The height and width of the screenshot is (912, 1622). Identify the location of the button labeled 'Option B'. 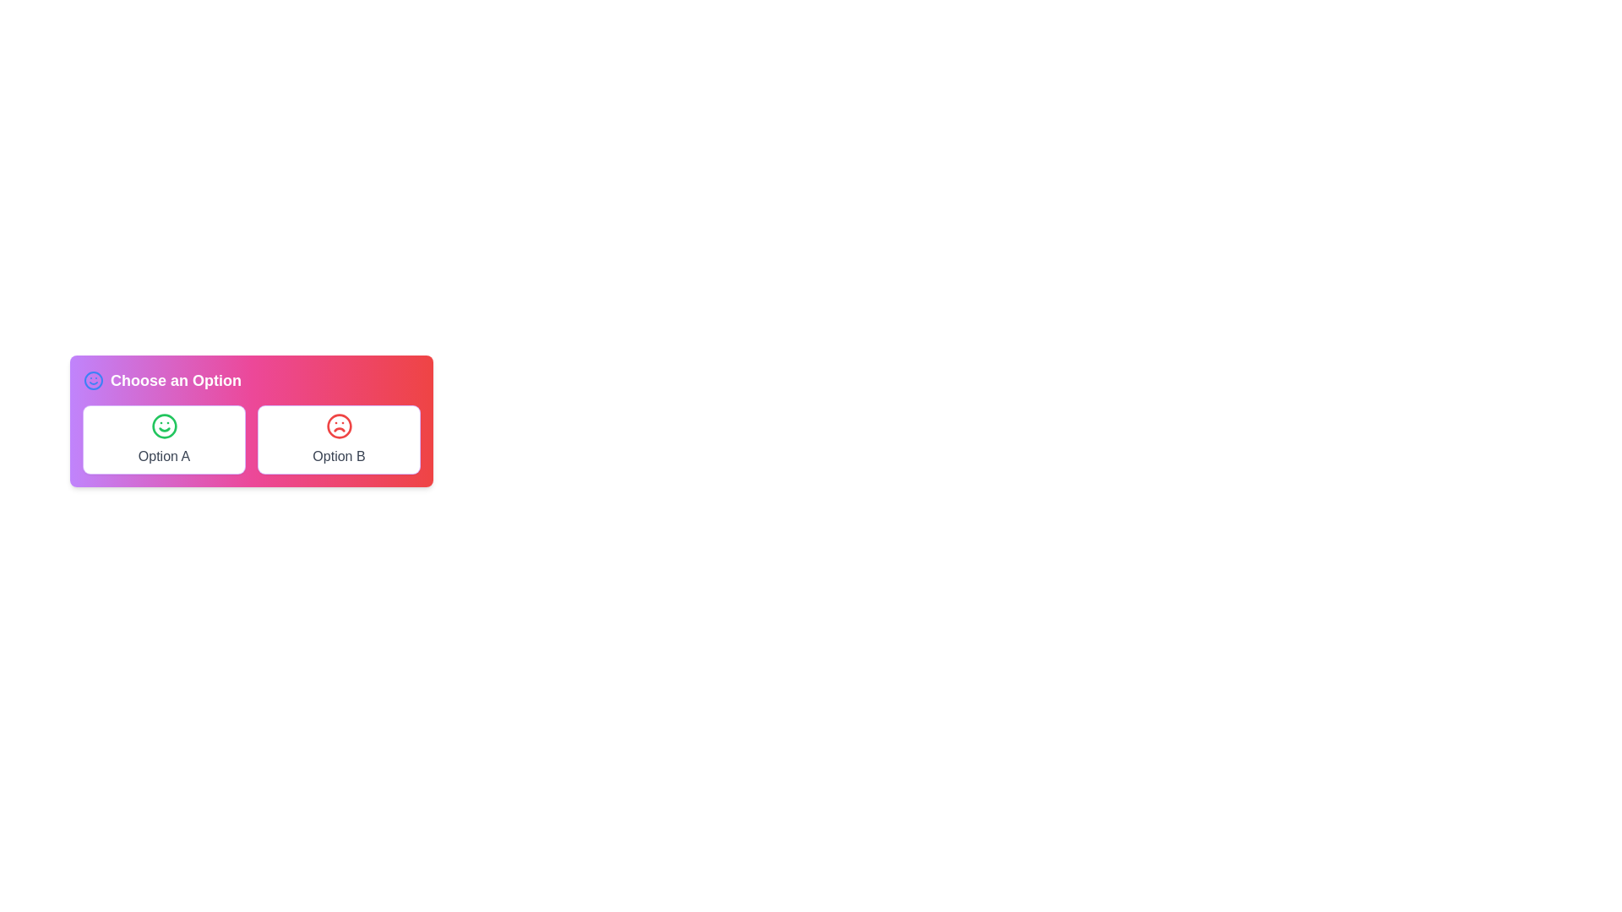
(338, 438).